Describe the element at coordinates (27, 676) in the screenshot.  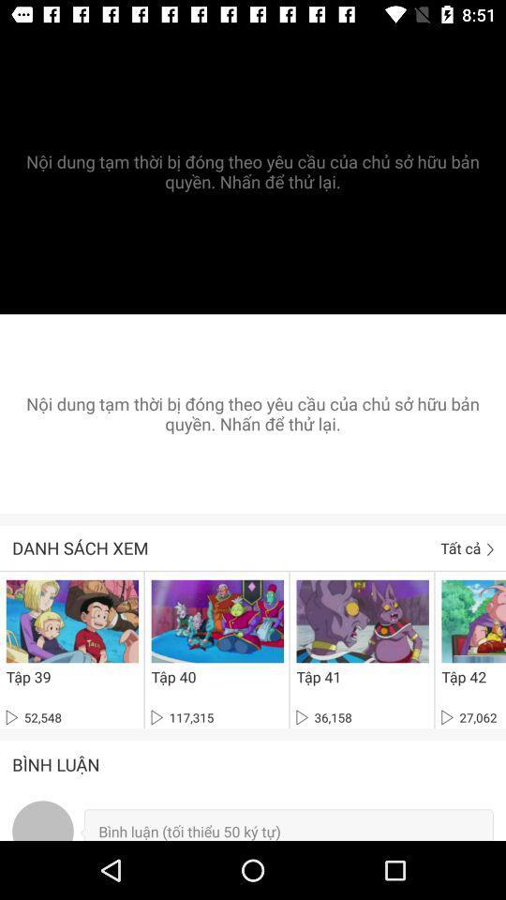
I see `item above the 52,548 icon` at that location.